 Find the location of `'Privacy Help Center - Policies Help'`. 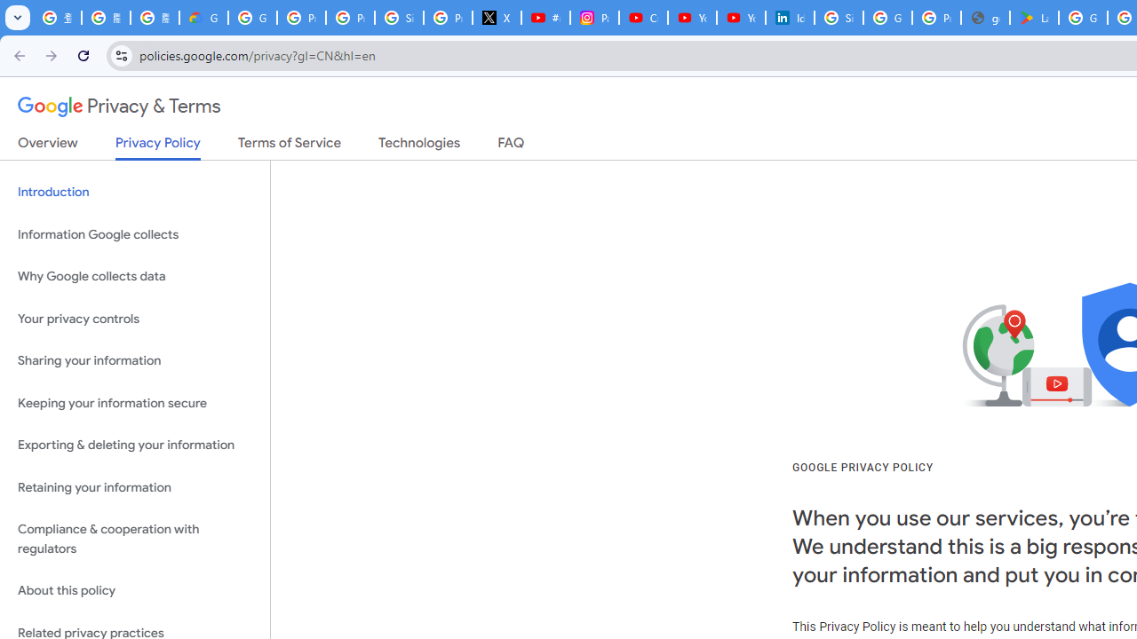

'Privacy Help Center - Policies Help' is located at coordinates (350, 18).